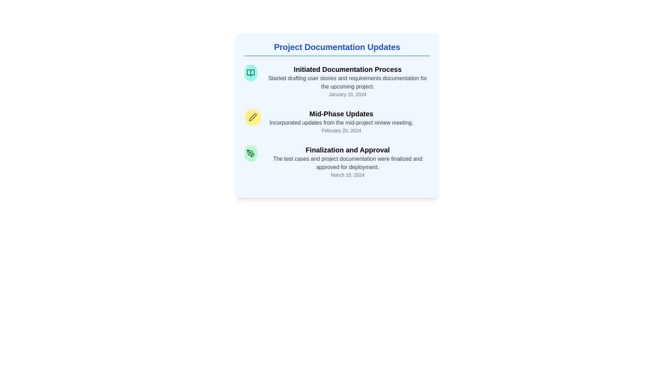 This screenshot has height=375, width=666. Describe the element at coordinates (253, 117) in the screenshot. I see `the middle circular icon that indicates 'Mid-Phase Updates', located vertically between the book icon above and the plant icon below` at that location.